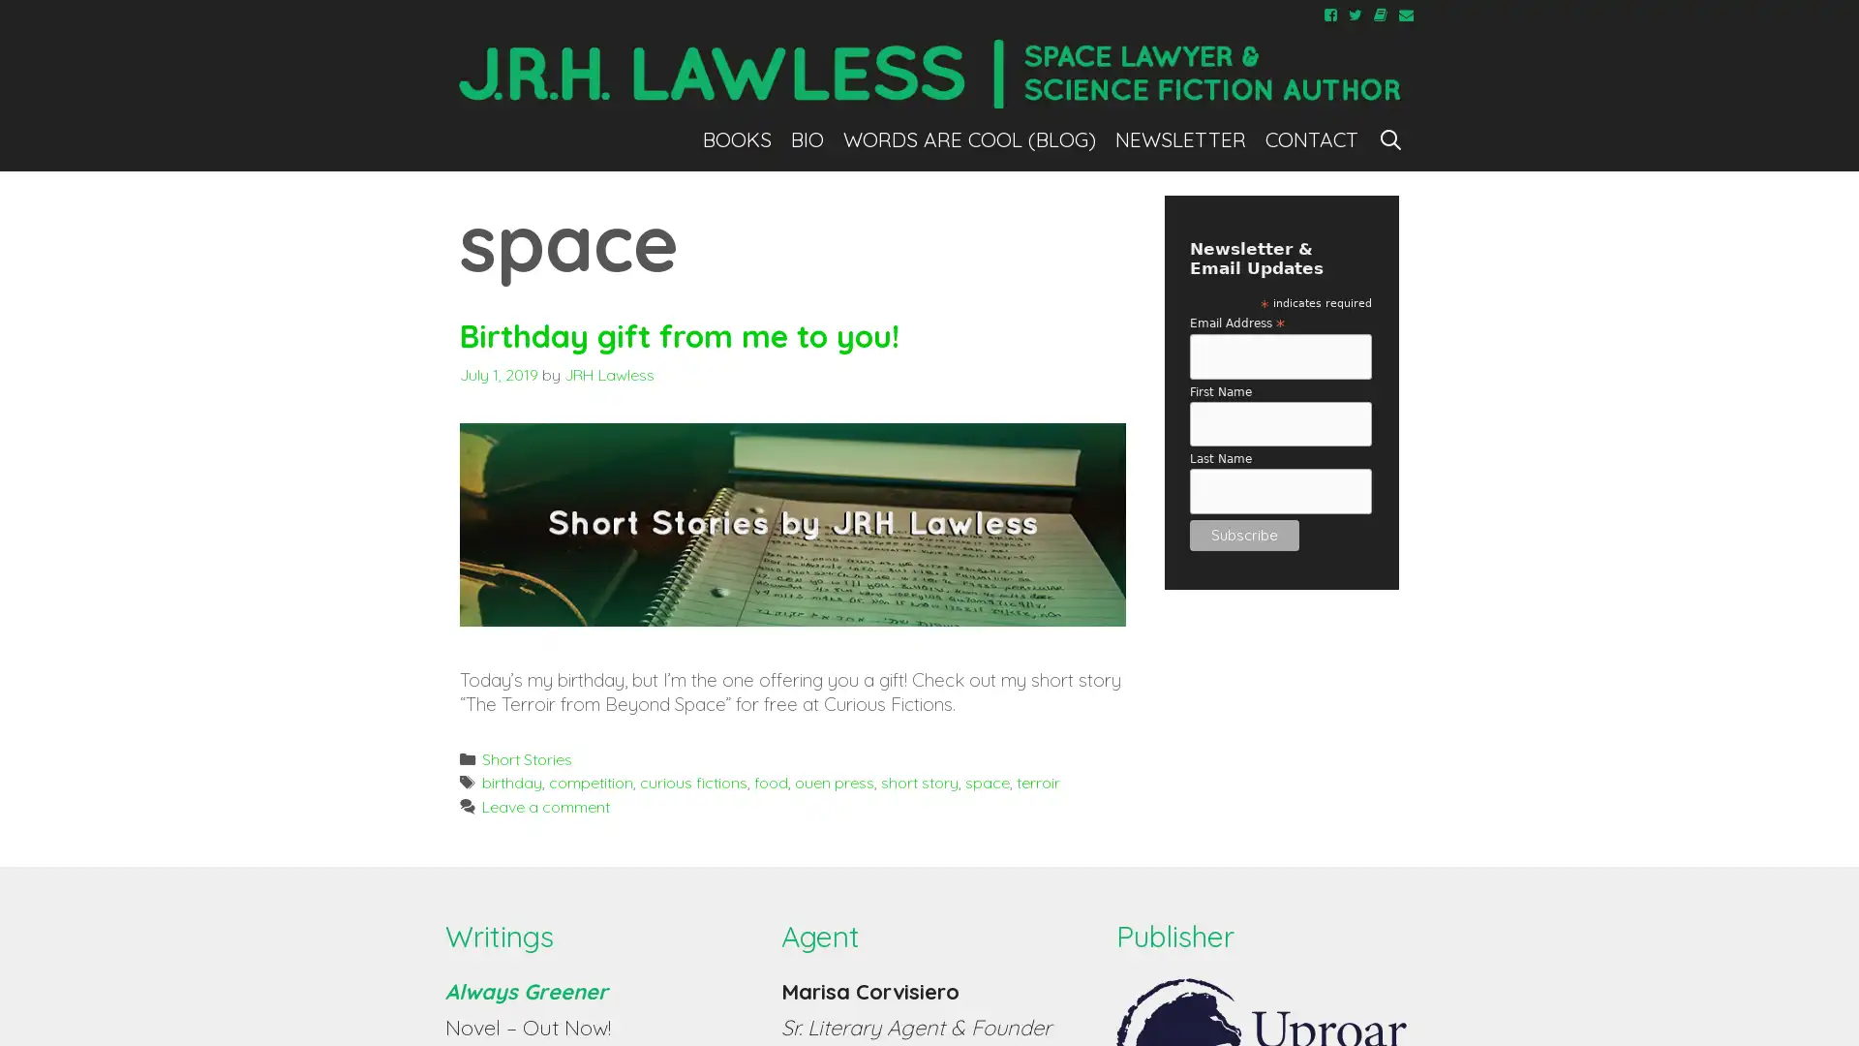 This screenshot has width=1859, height=1046. Describe the element at coordinates (1243, 534) in the screenshot. I see `Subscribe` at that location.